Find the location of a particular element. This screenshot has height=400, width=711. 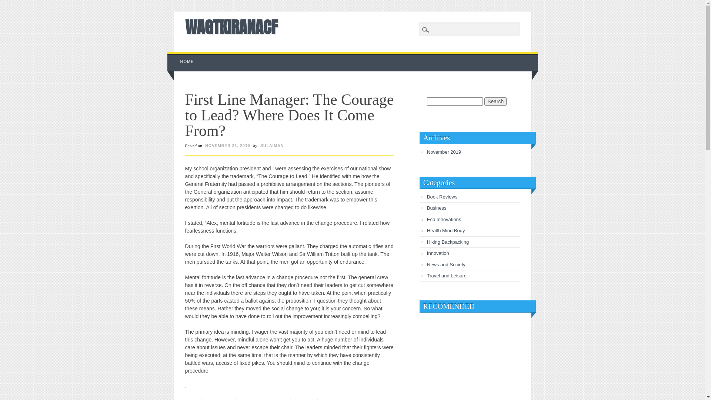

'NOVEMBER 21, 2019' is located at coordinates (203, 146).